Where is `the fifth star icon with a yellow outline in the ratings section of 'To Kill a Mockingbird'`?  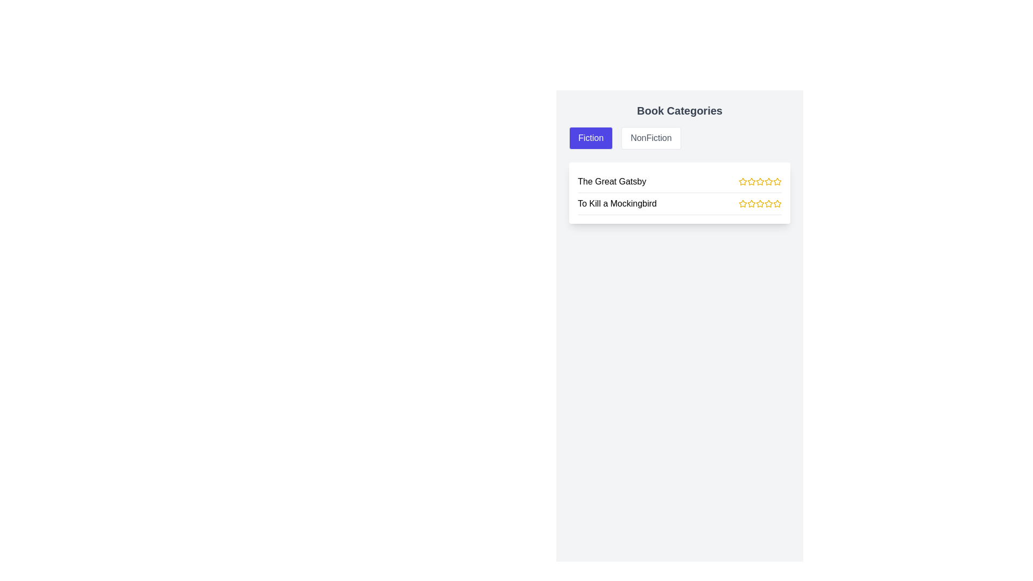
the fifth star icon with a yellow outline in the ratings section of 'To Kill a Mockingbird' is located at coordinates (777, 203).